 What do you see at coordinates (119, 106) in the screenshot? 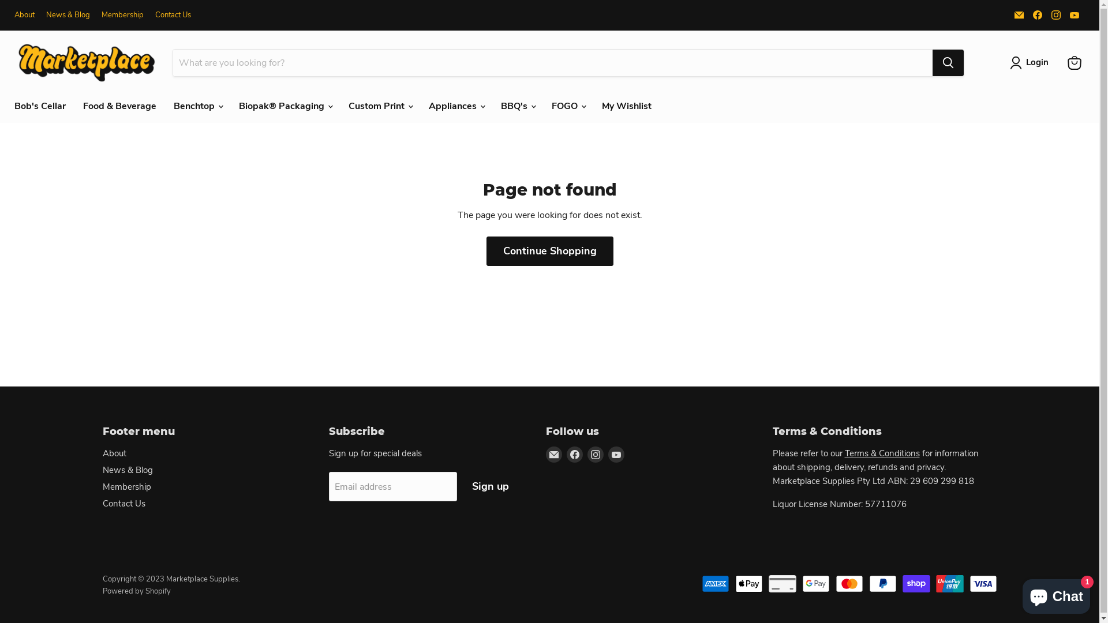
I see `'Food & Beverage'` at bounding box center [119, 106].